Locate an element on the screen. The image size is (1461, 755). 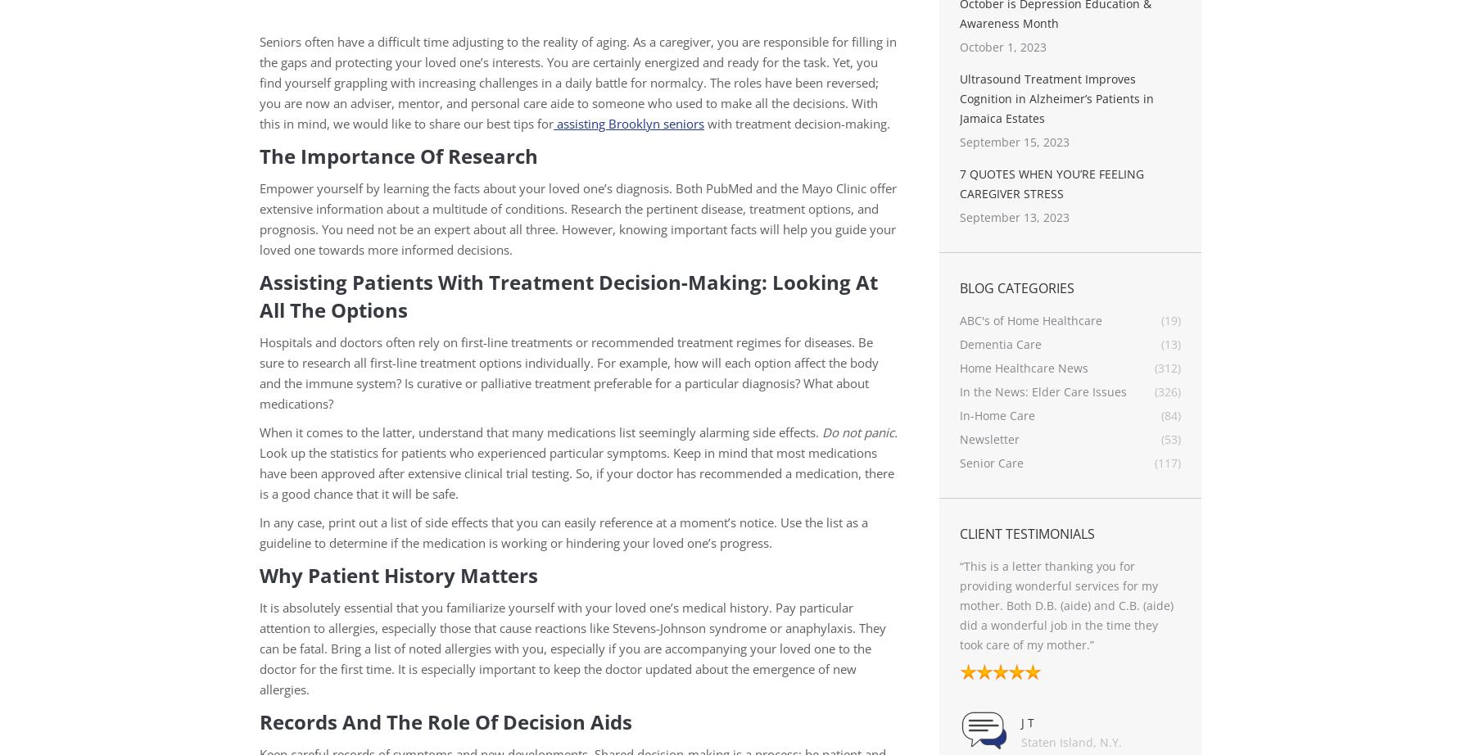
'BLOG CATEGORIES' is located at coordinates (1016, 287).